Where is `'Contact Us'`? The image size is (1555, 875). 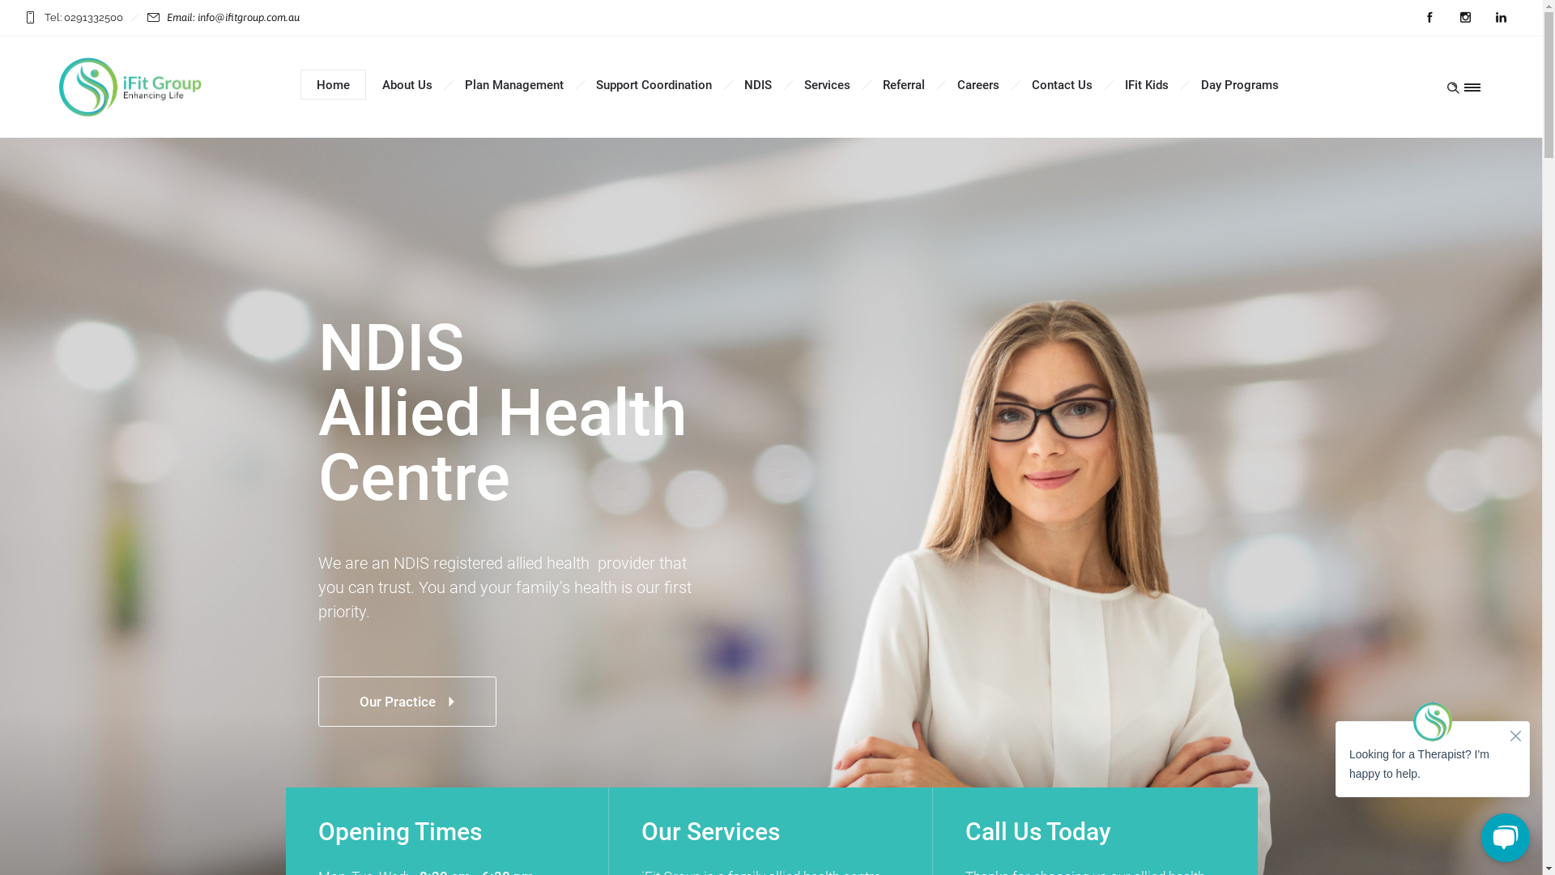 'Contact Us' is located at coordinates (1062, 84).